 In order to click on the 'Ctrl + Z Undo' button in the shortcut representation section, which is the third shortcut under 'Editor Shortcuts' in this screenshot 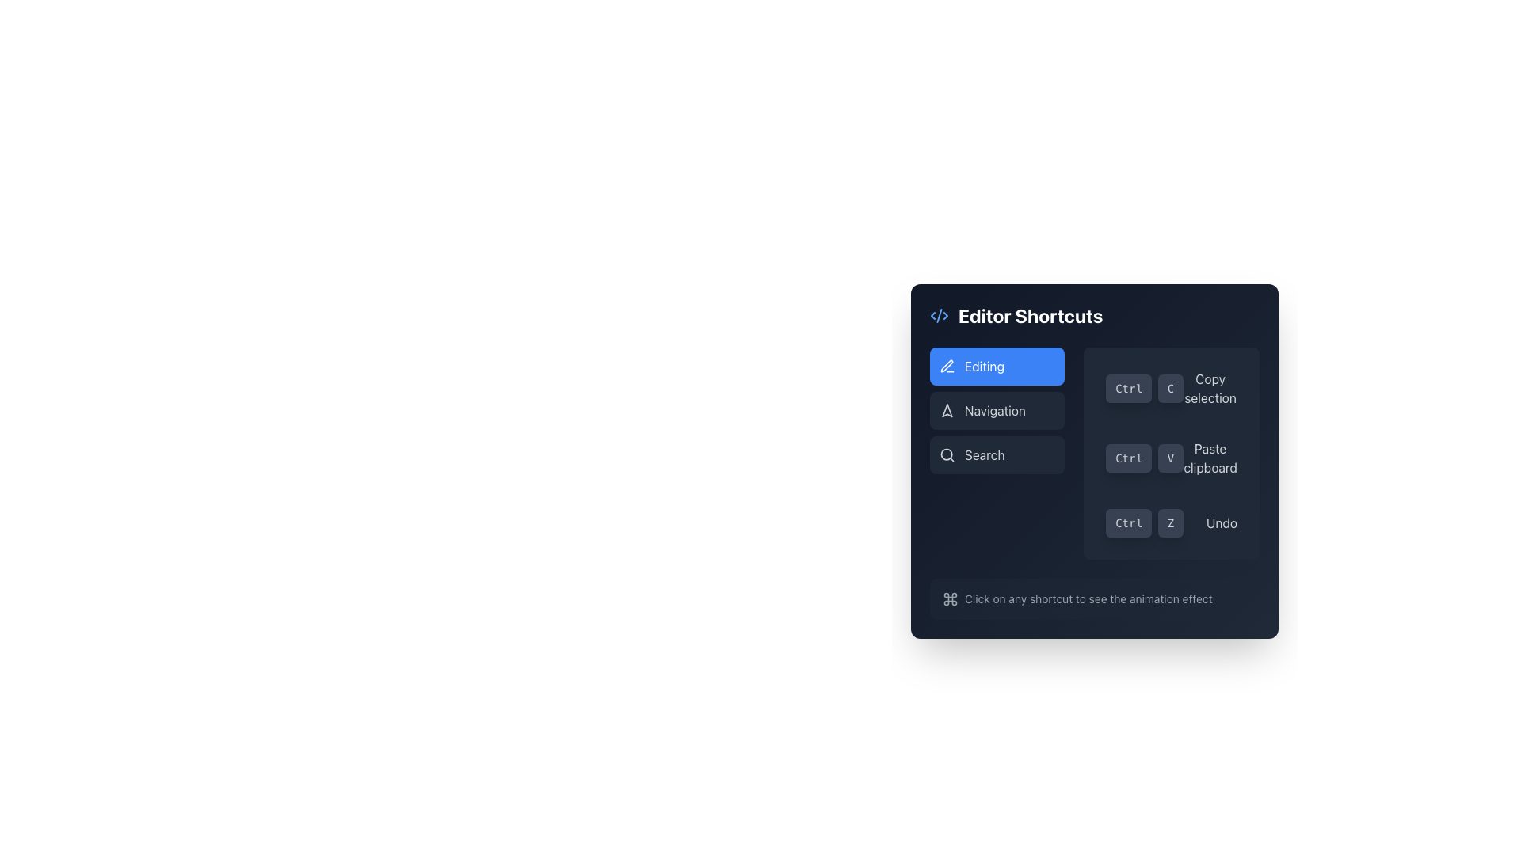, I will do `click(1171, 522)`.